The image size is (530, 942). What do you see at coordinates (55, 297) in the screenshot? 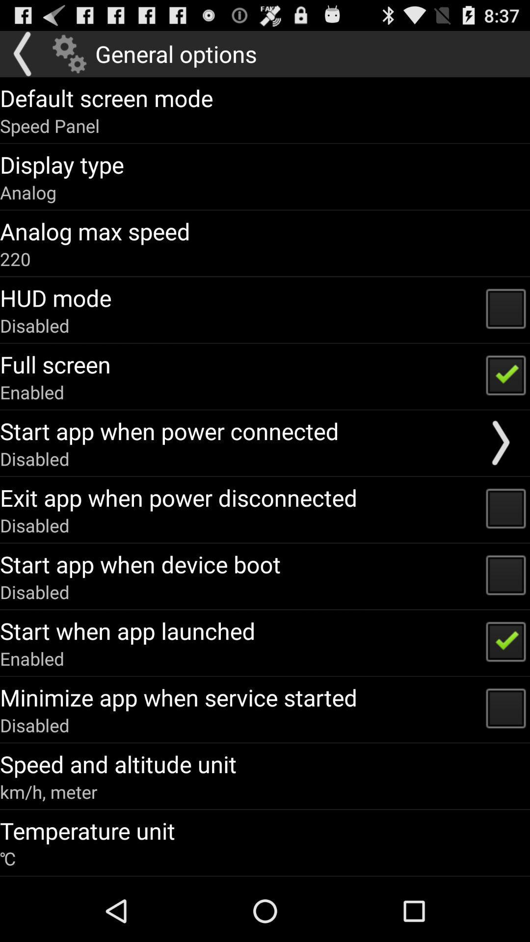
I see `hud mode item` at bounding box center [55, 297].